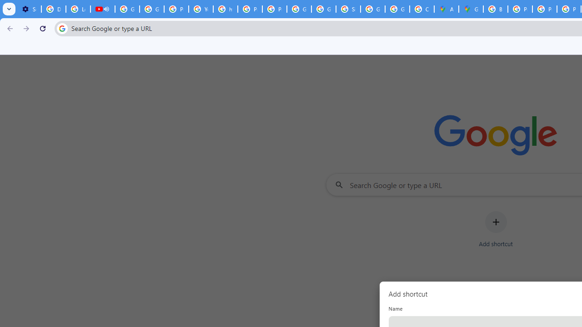 This screenshot has width=582, height=327. What do you see at coordinates (471, 9) in the screenshot?
I see `'Google Maps'` at bounding box center [471, 9].